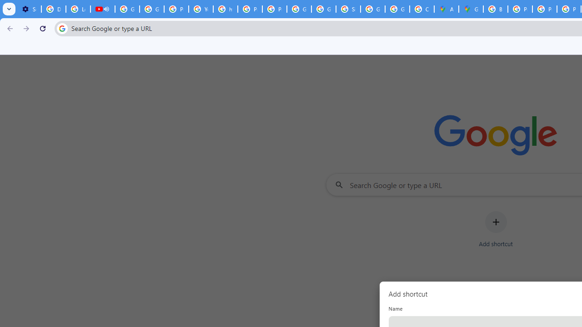 This screenshot has width=582, height=327. What do you see at coordinates (471, 9) in the screenshot?
I see `'Google Maps'` at bounding box center [471, 9].